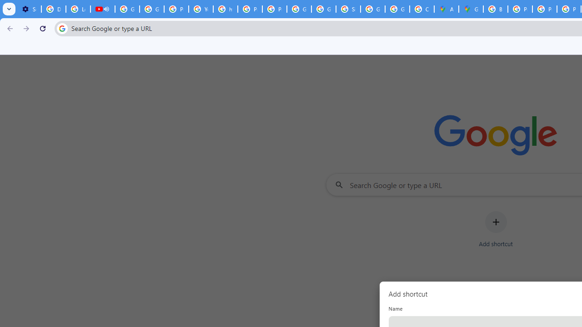 This screenshot has width=582, height=327. What do you see at coordinates (471, 9) in the screenshot?
I see `'Google Maps'` at bounding box center [471, 9].